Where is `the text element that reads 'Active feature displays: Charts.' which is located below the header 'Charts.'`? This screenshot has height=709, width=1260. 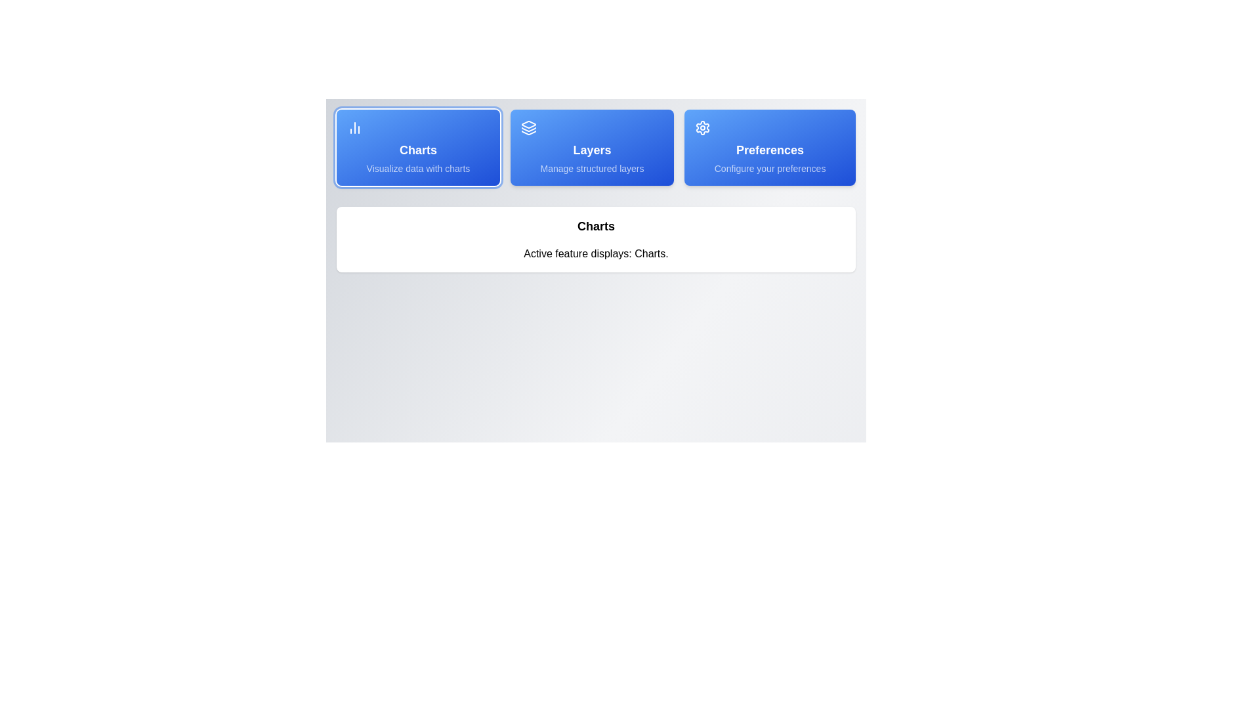
the text element that reads 'Active feature displays: Charts.' which is located below the header 'Charts.' is located at coordinates (595, 253).